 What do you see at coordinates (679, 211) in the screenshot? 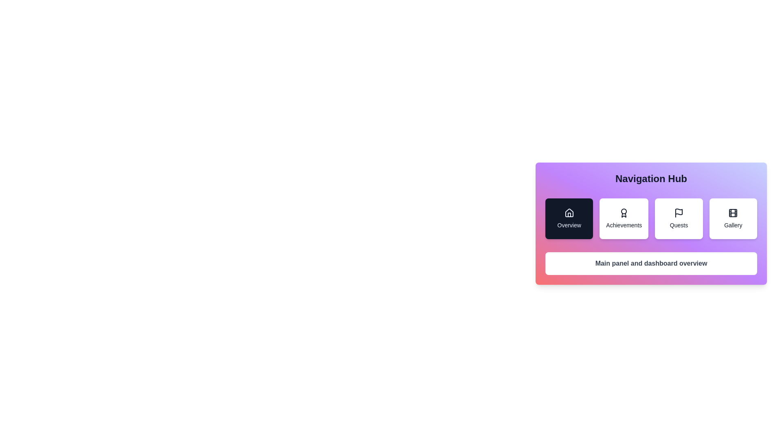
I see `the flag-shaped icon in the 'Quests' section of the navigation hub to trigger a visual effect` at bounding box center [679, 211].